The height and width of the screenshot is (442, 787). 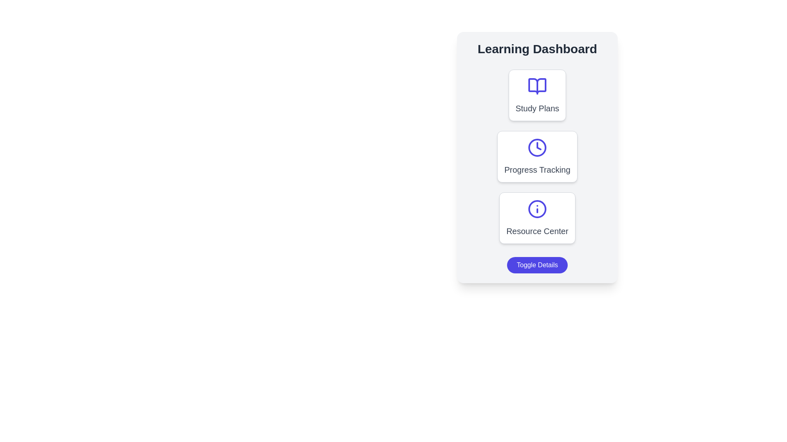 I want to click on the 'Progress Tracking' text label which is styled with large, medium weight gray font and is located in the second card of the vertically stacked panel, so click(x=537, y=169).